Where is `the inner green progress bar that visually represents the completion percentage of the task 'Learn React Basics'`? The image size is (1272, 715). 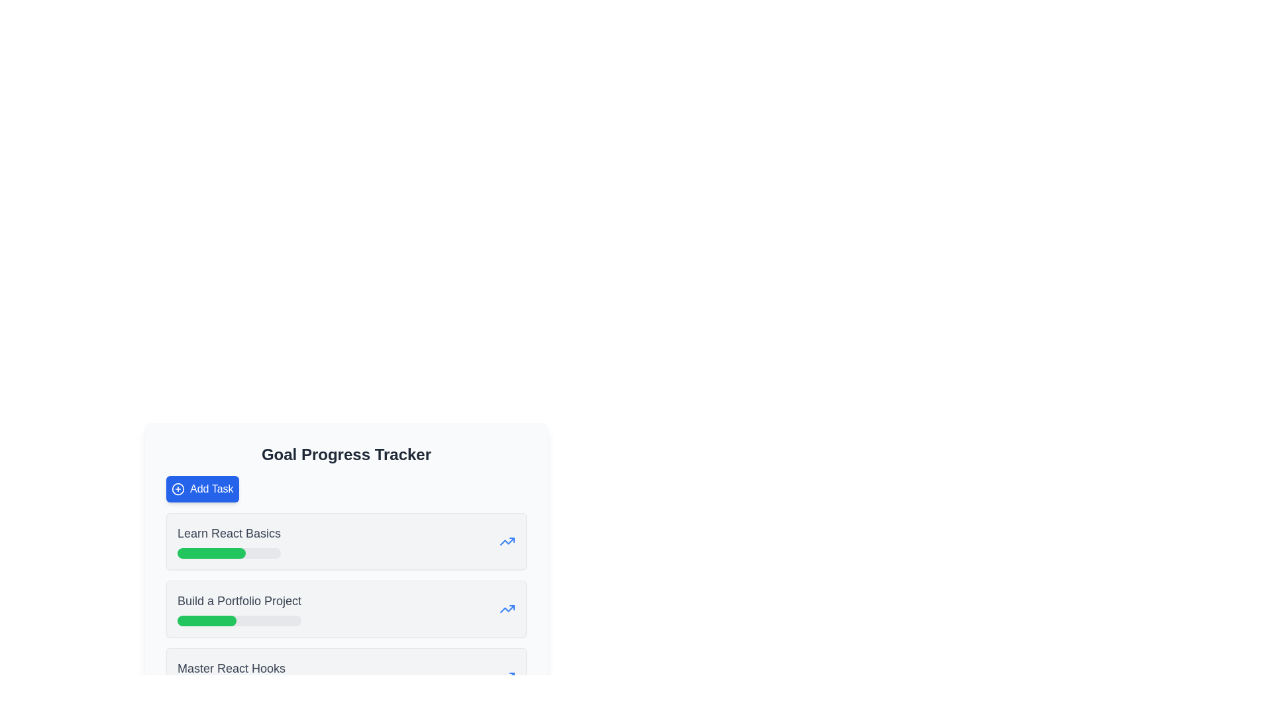
the inner green progress bar that visually represents the completion percentage of the task 'Learn React Basics' is located at coordinates (211, 553).